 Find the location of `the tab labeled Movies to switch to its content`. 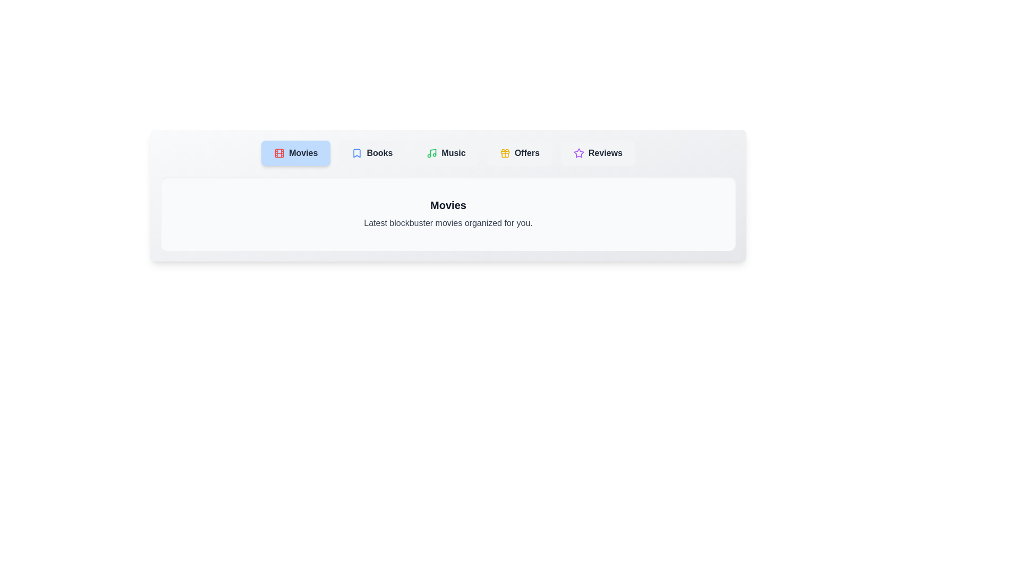

the tab labeled Movies to switch to its content is located at coordinates (295, 153).